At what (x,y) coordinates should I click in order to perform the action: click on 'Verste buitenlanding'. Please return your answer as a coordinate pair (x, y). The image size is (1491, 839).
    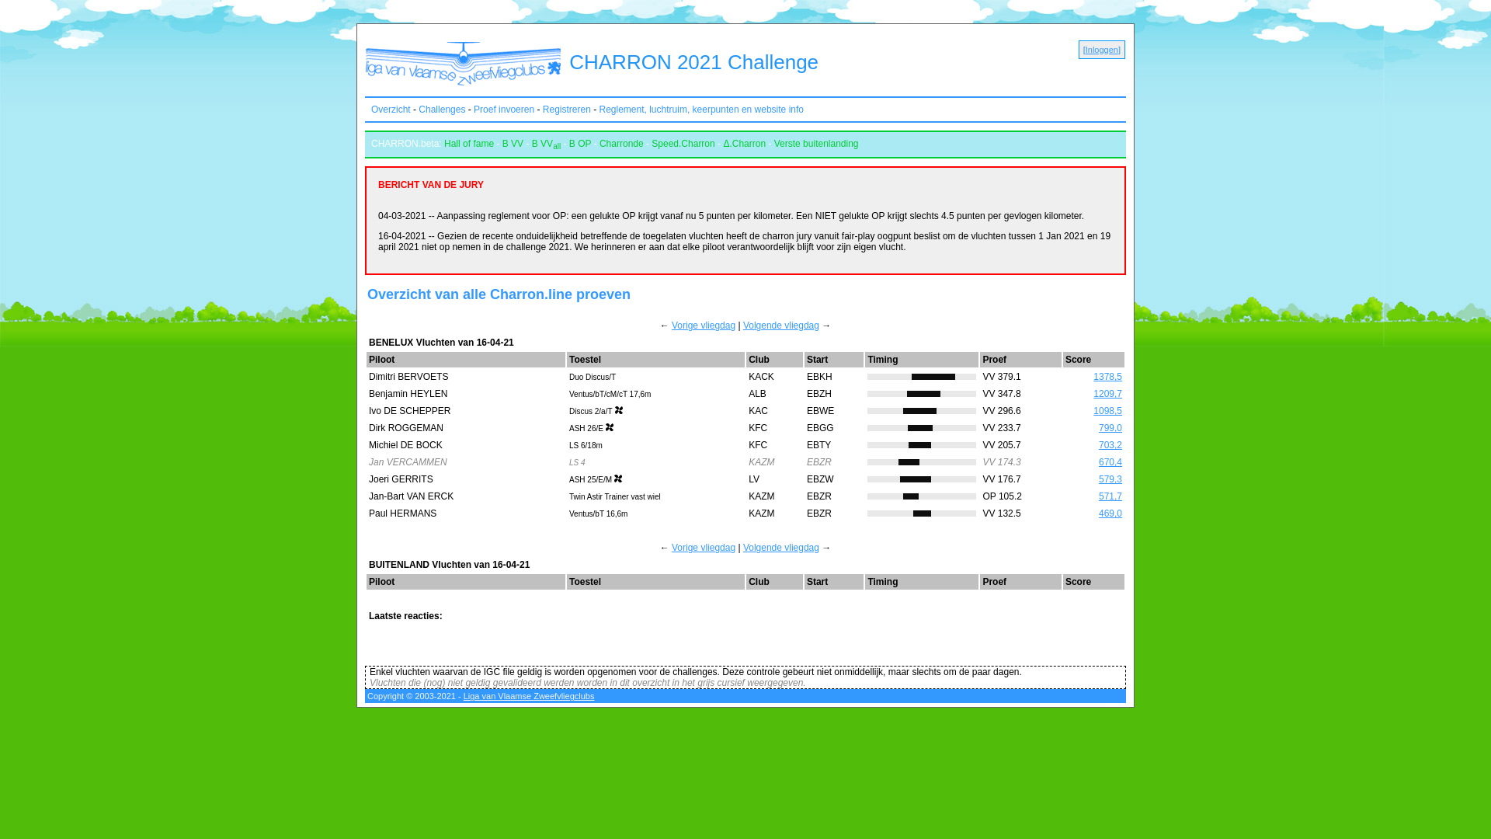
    Looking at the image, I should click on (815, 144).